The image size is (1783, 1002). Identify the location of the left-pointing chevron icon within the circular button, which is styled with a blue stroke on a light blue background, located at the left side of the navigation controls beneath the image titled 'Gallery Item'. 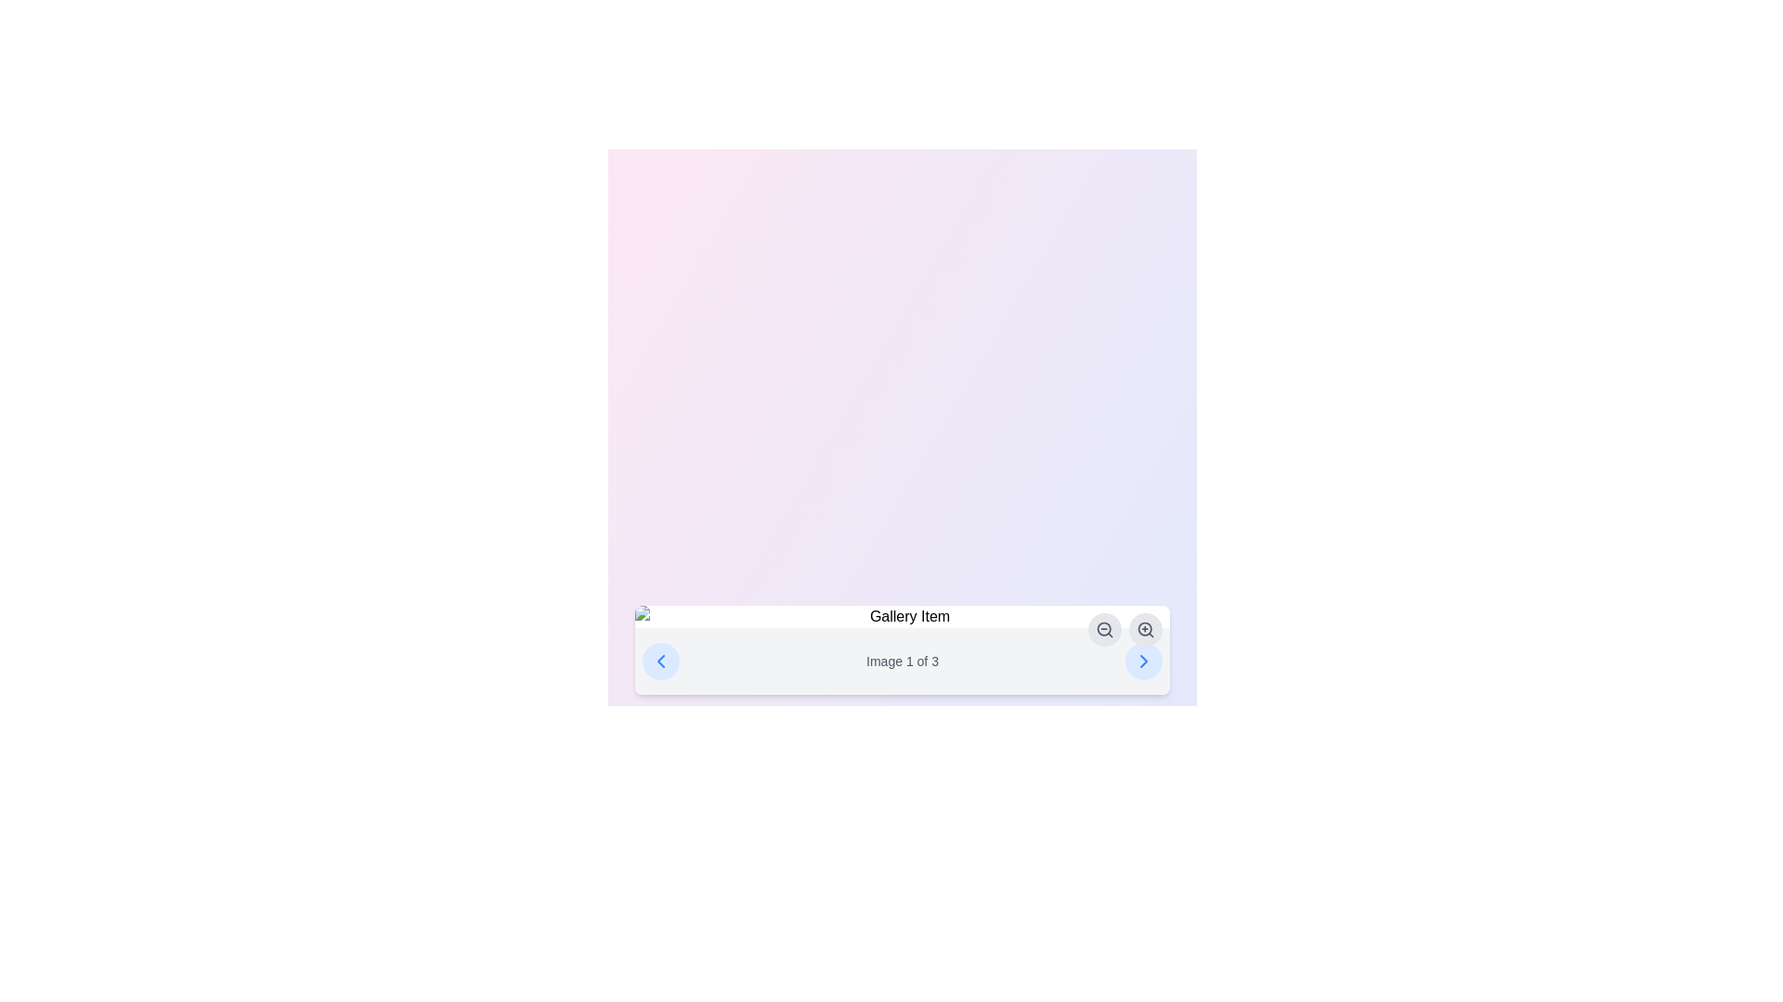
(660, 661).